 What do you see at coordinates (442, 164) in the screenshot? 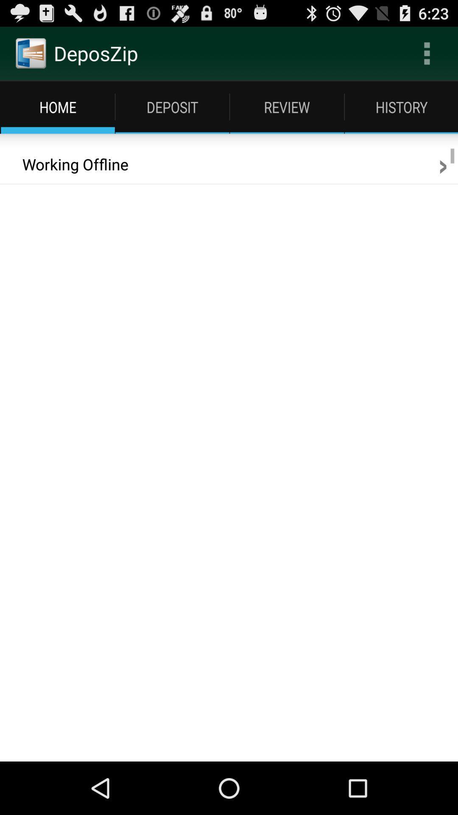
I see `item to the right of the working offline app` at bounding box center [442, 164].